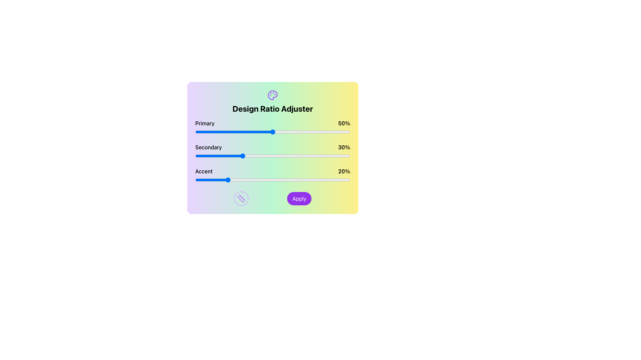 The image size is (641, 360). What do you see at coordinates (291, 132) in the screenshot?
I see `the primary design ratio` at bounding box center [291, 132].